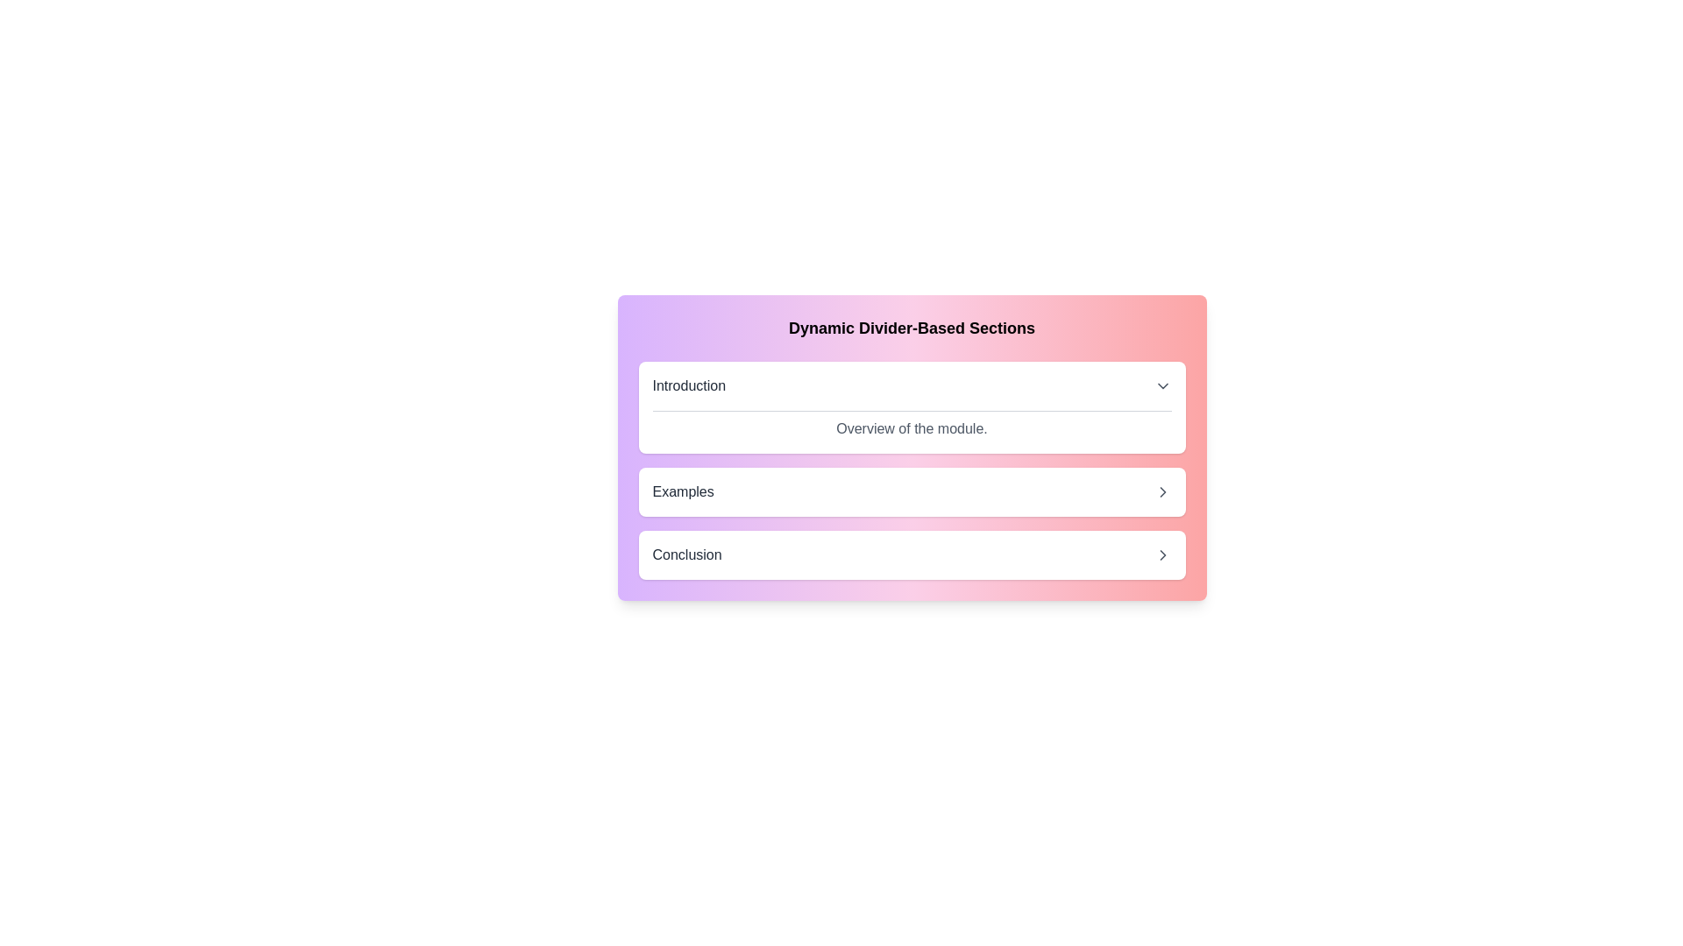 The image size is (1683, 946). Describe the element at coordinates (912, 554) in the screenshot. I see `the Interactive header section containing the text 'Conclusion' for keyboard navigation` at that location.